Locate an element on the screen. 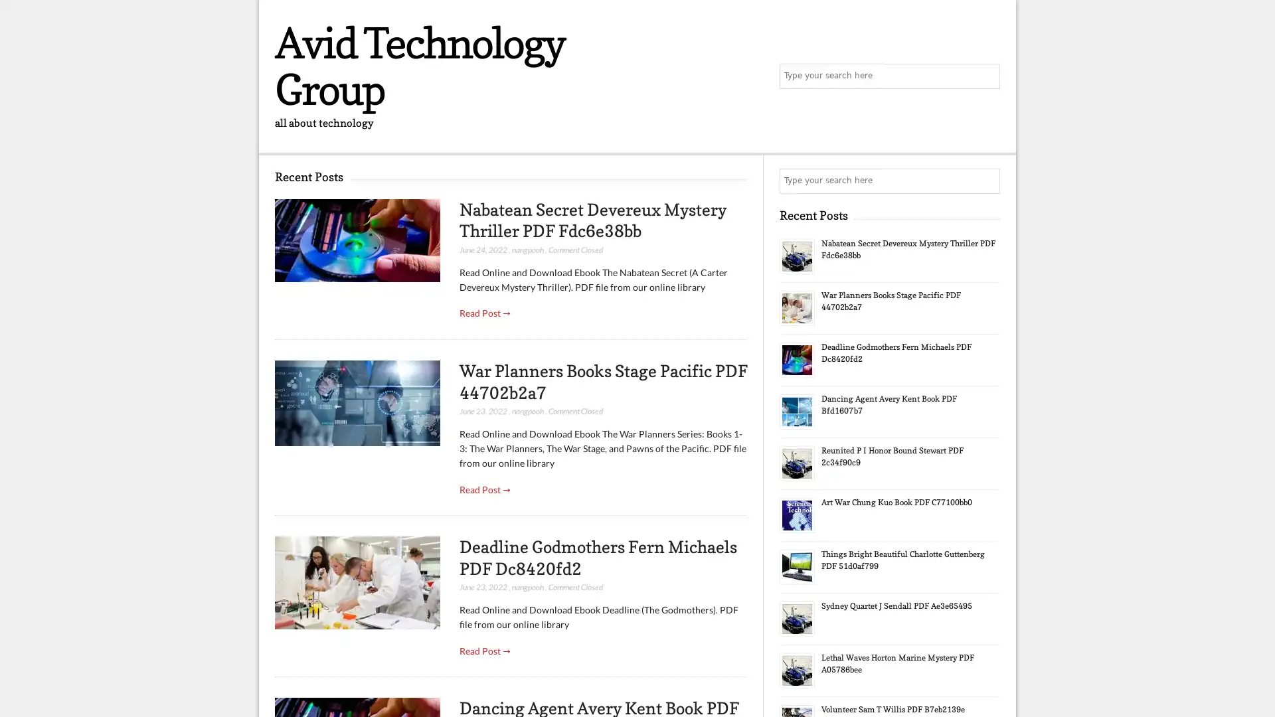 This screenshot has width=1275, height=717. Search is located at coordinates (986, 76).